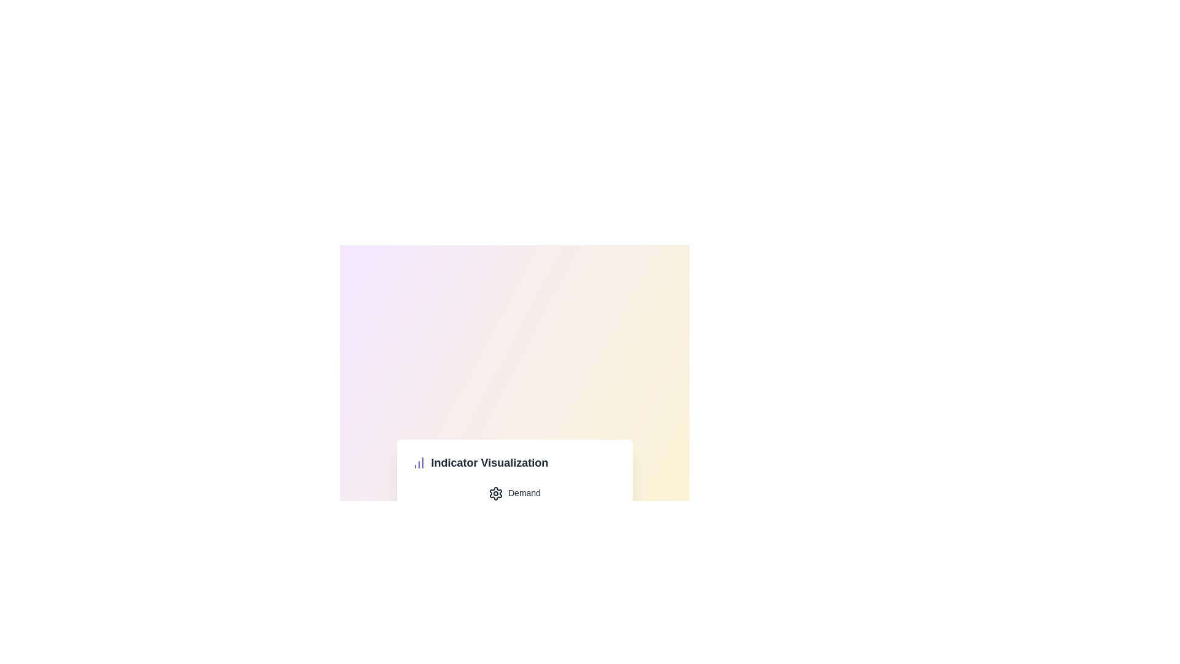 The height and width of the screenshot is (664, 1180). I want to click on the slider to set the value to 44, so click(593, 510).